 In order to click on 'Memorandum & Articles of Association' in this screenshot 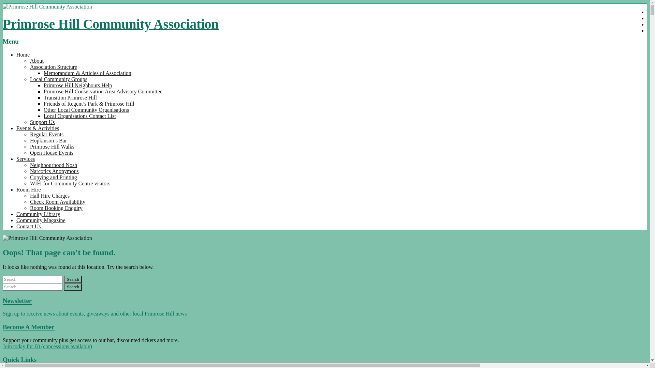, I will do `click(87, 73)`.